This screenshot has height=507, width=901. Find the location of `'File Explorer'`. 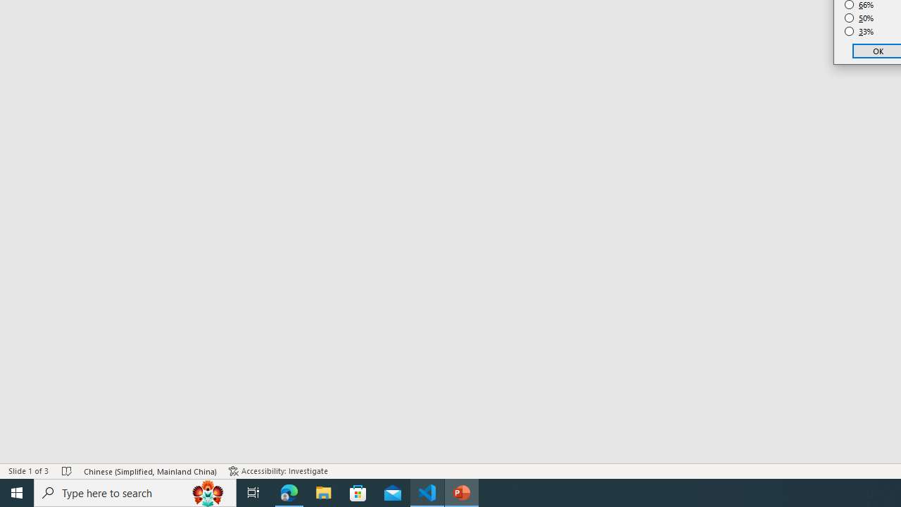

'File Explorer' is located at coordinates (323, 492).